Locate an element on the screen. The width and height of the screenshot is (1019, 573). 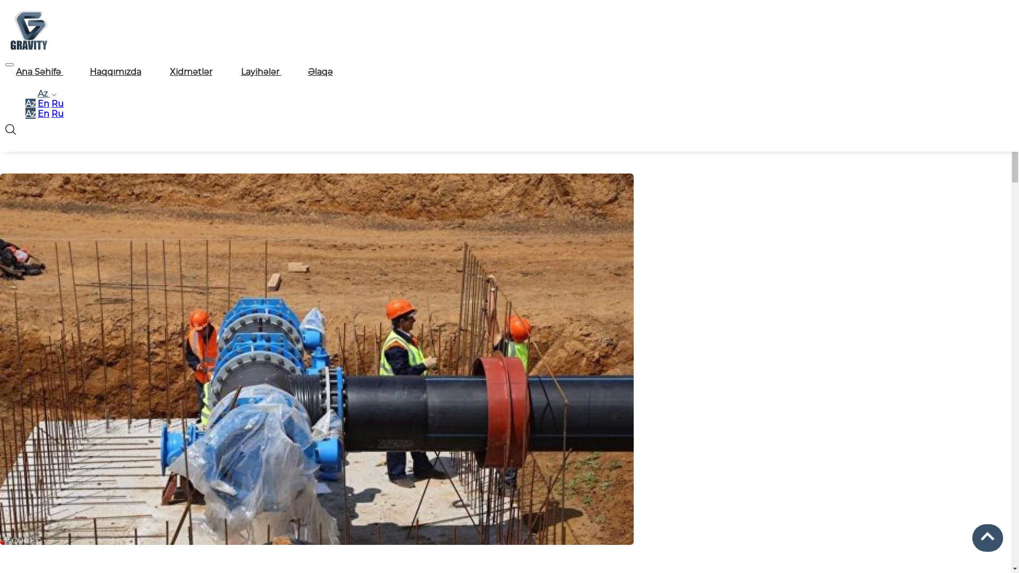
'En' is located at coordinates (42, 114).